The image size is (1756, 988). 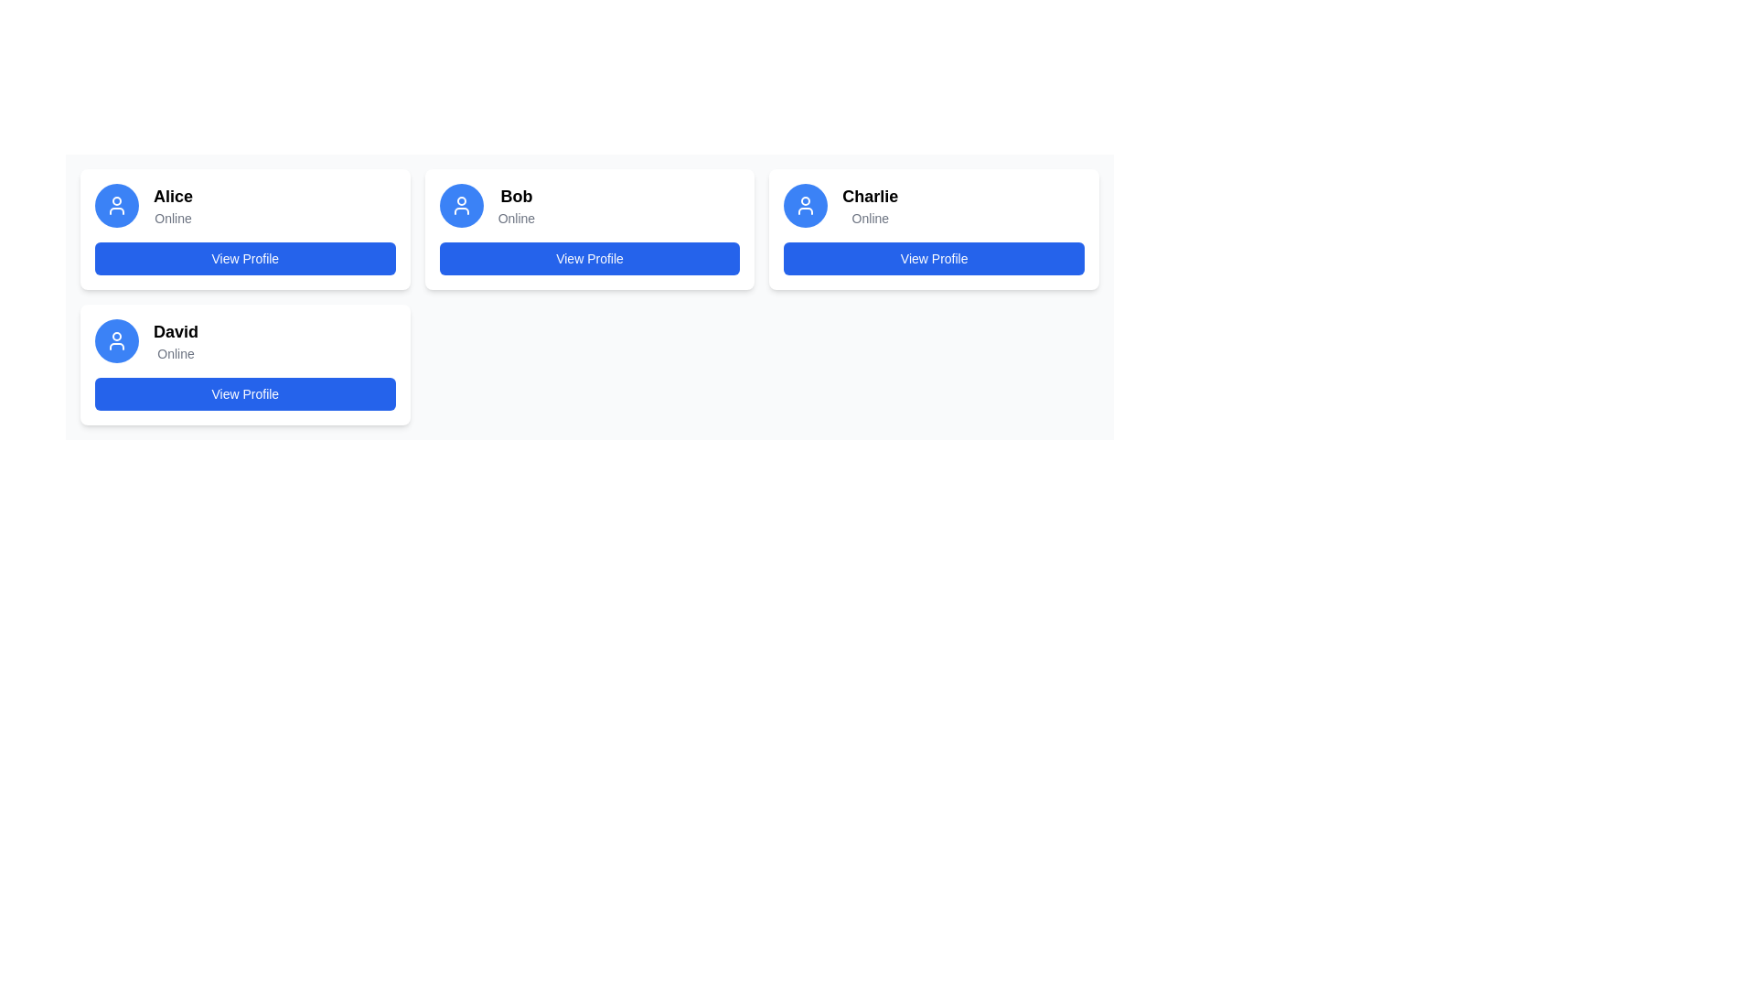 What do you see at coordinates (173, 205) in the screenshot?
I see `the text block displaying the user's name 'Alice' and status 'Online' in the first user's card` at bounding box center [173, 205].